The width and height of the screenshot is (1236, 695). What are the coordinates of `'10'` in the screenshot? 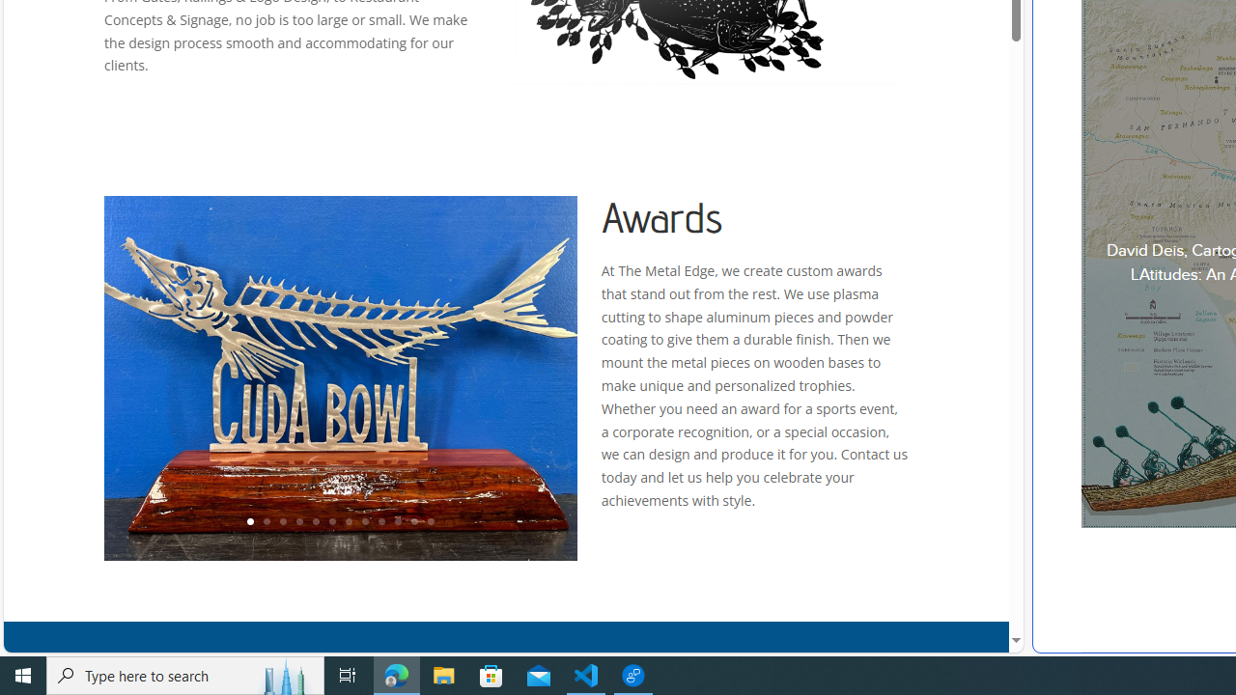 It's located at (397, 522).